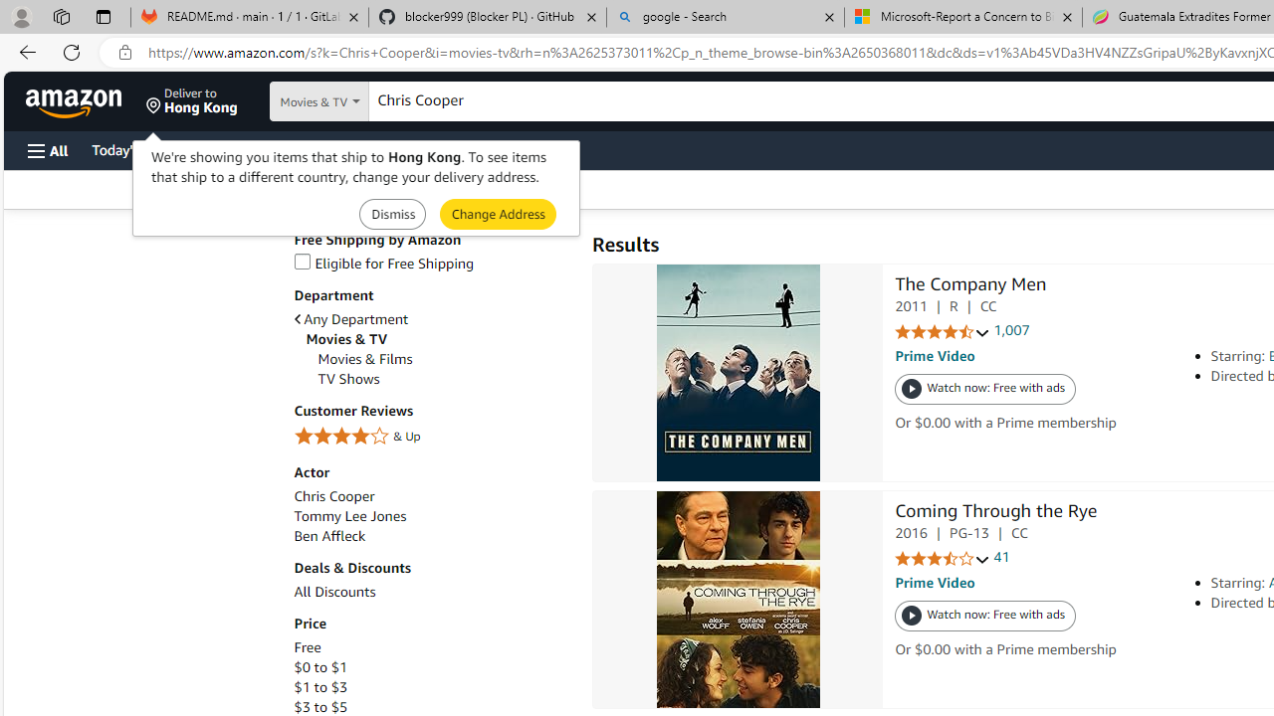 The image size is (1274, 716). I want to click on '4.4 out of 5 stars', so click(942, 331).